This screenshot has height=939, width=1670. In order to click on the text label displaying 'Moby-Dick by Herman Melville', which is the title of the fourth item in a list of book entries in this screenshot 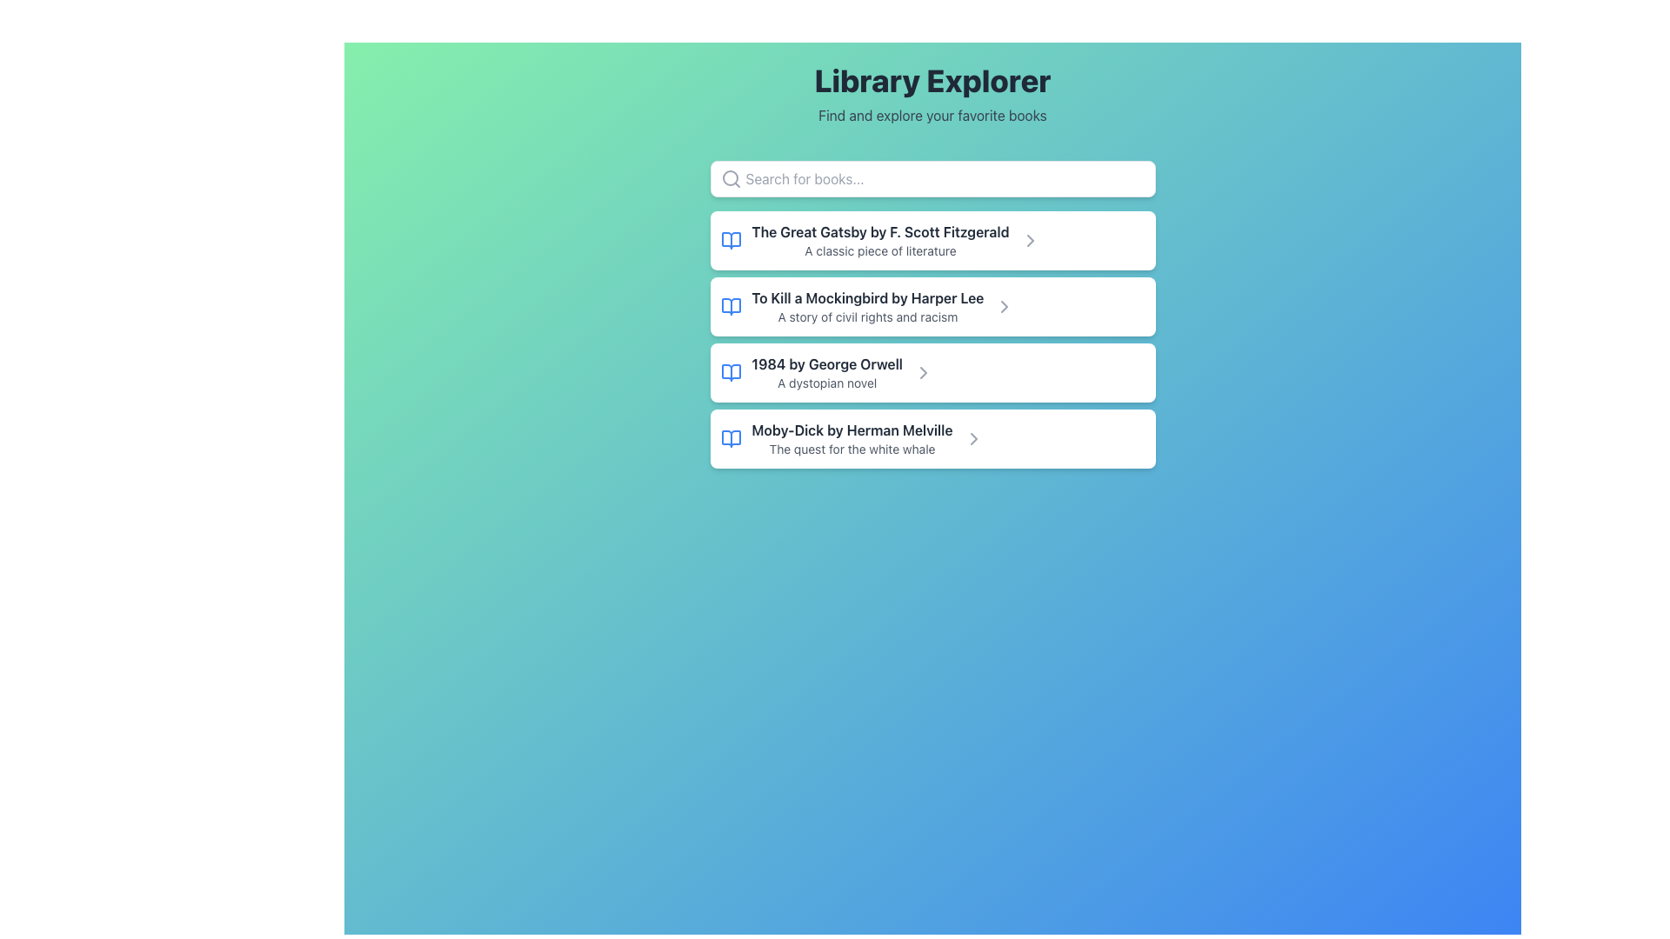, I will do `click(852, 430)`.